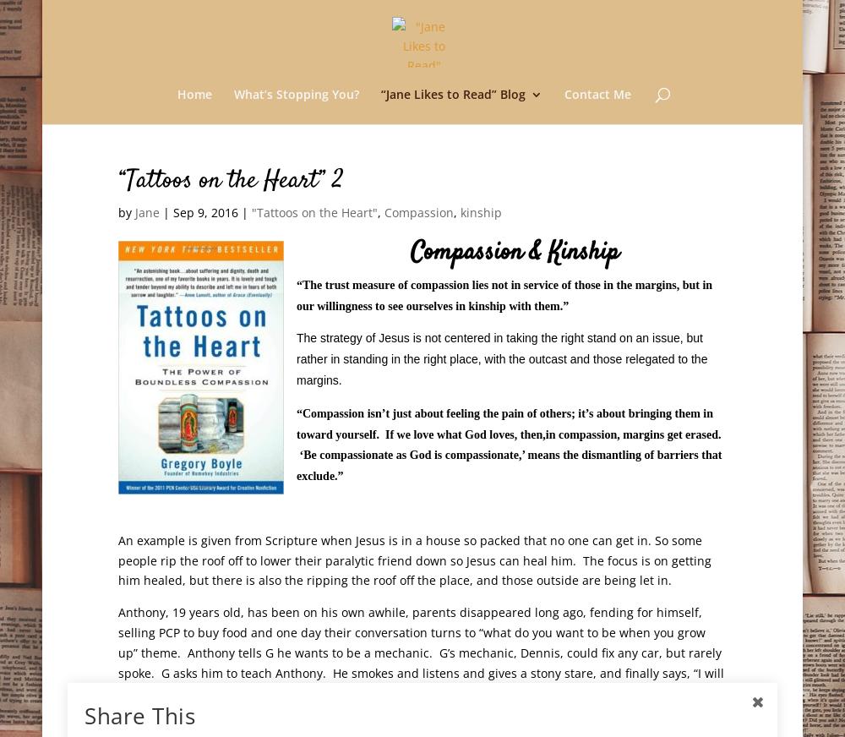 The width and height of the screenshot is (845, 737). What do you see at coordinates (466, 319) in the screenshot?
I see `'Tell a Better Story'` at bounding box center [466, 319].